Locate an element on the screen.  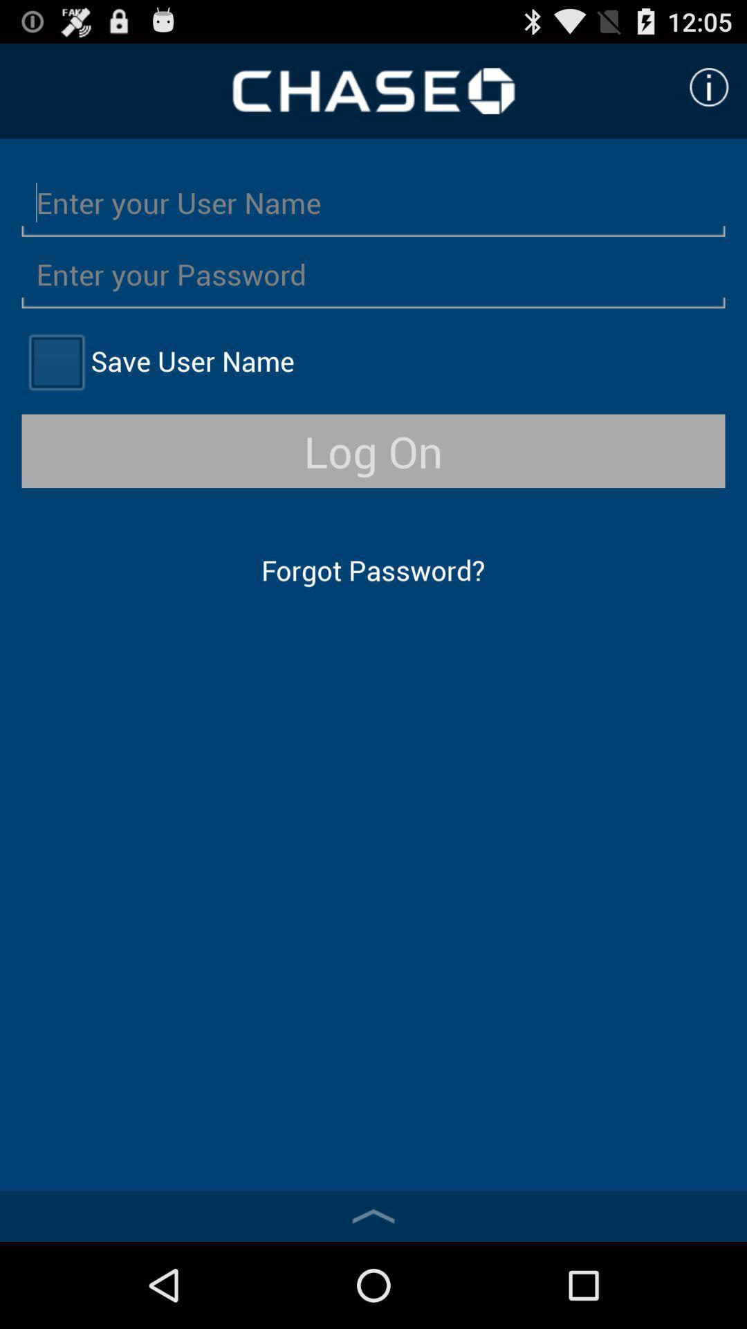
the forgot password? is located at coordinates (372, 570).